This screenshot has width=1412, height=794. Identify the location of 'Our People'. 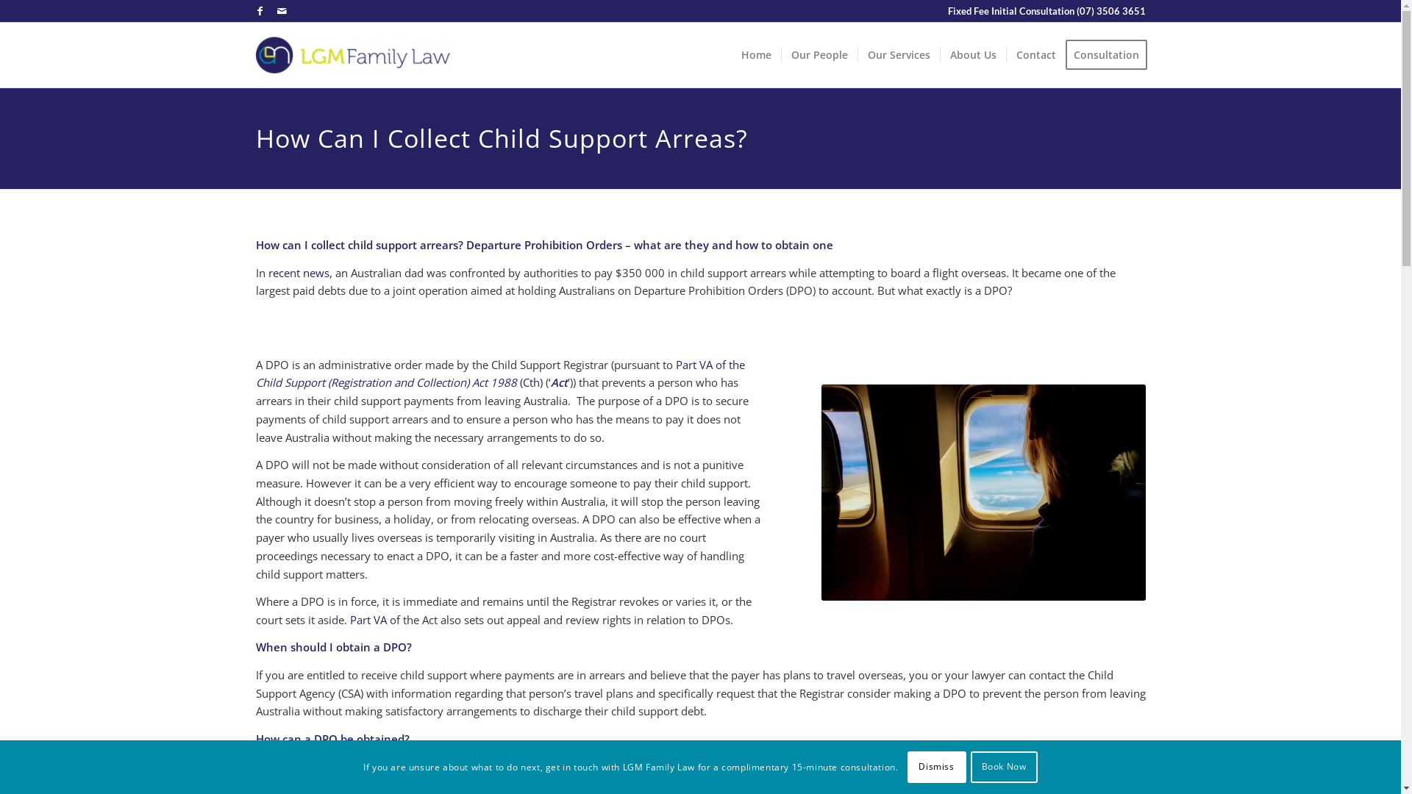
(818, 54).